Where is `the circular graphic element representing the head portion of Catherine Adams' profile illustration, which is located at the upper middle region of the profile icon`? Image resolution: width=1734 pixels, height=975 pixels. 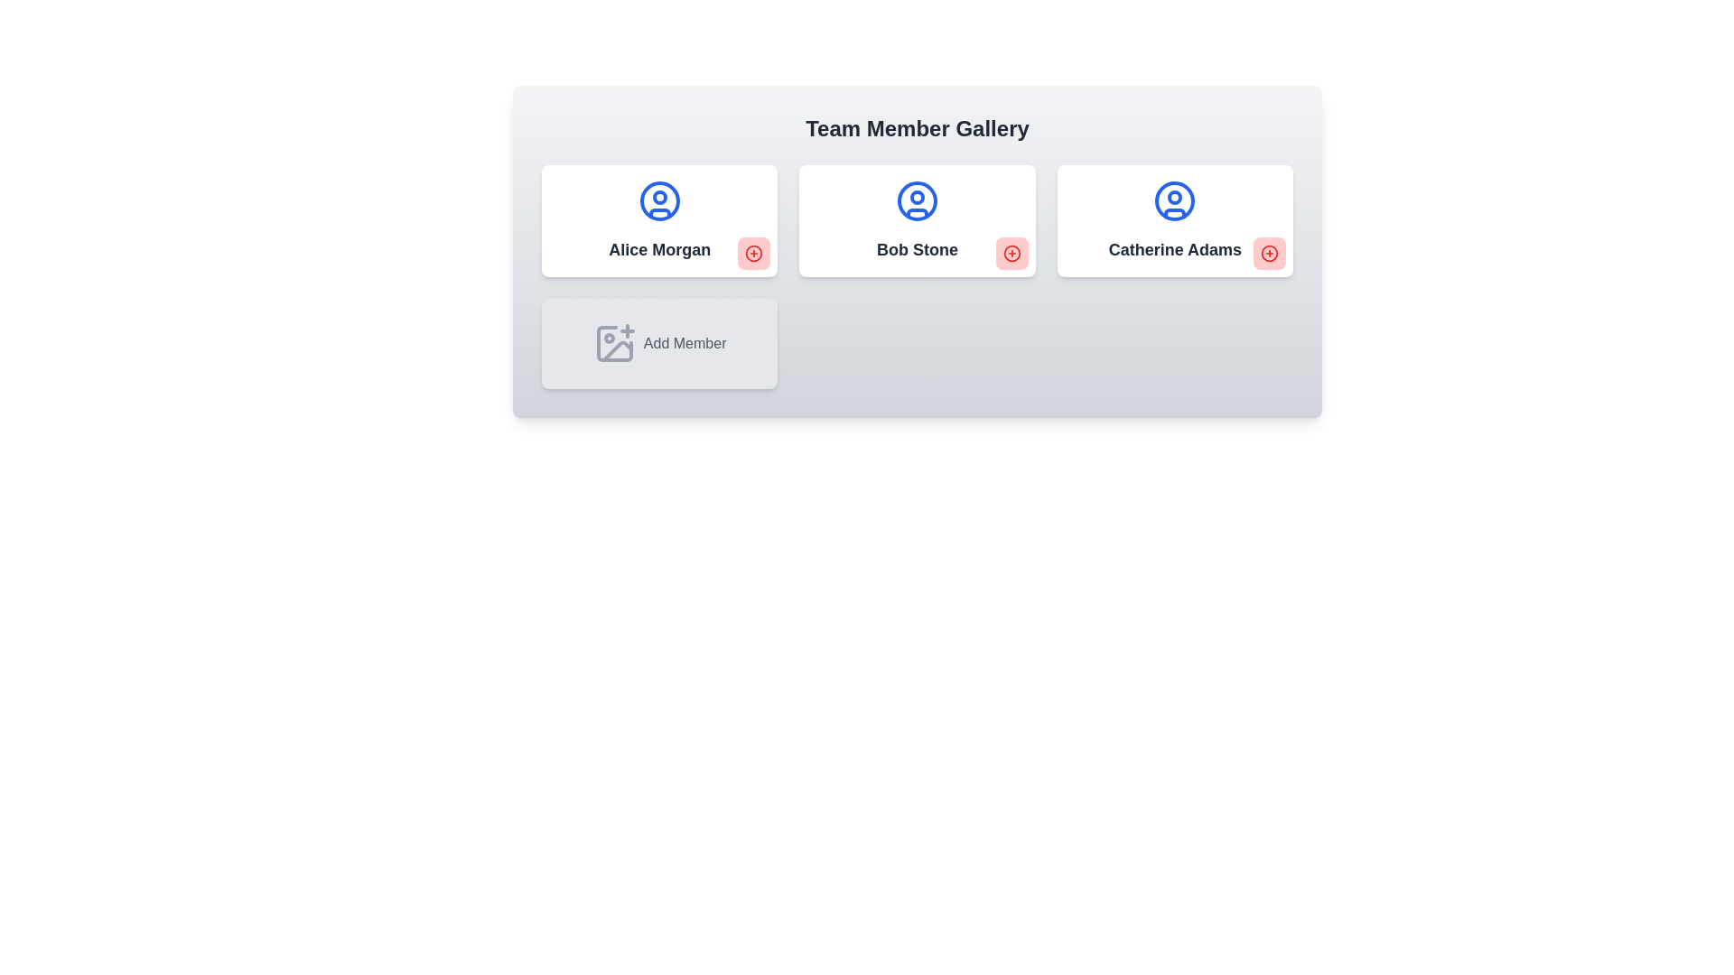
the circular graphic element representing the head portion of Catherine Adams' profile illustration, which is located at the upper middle region of the profile icon is located at coordinates (1175, 198).